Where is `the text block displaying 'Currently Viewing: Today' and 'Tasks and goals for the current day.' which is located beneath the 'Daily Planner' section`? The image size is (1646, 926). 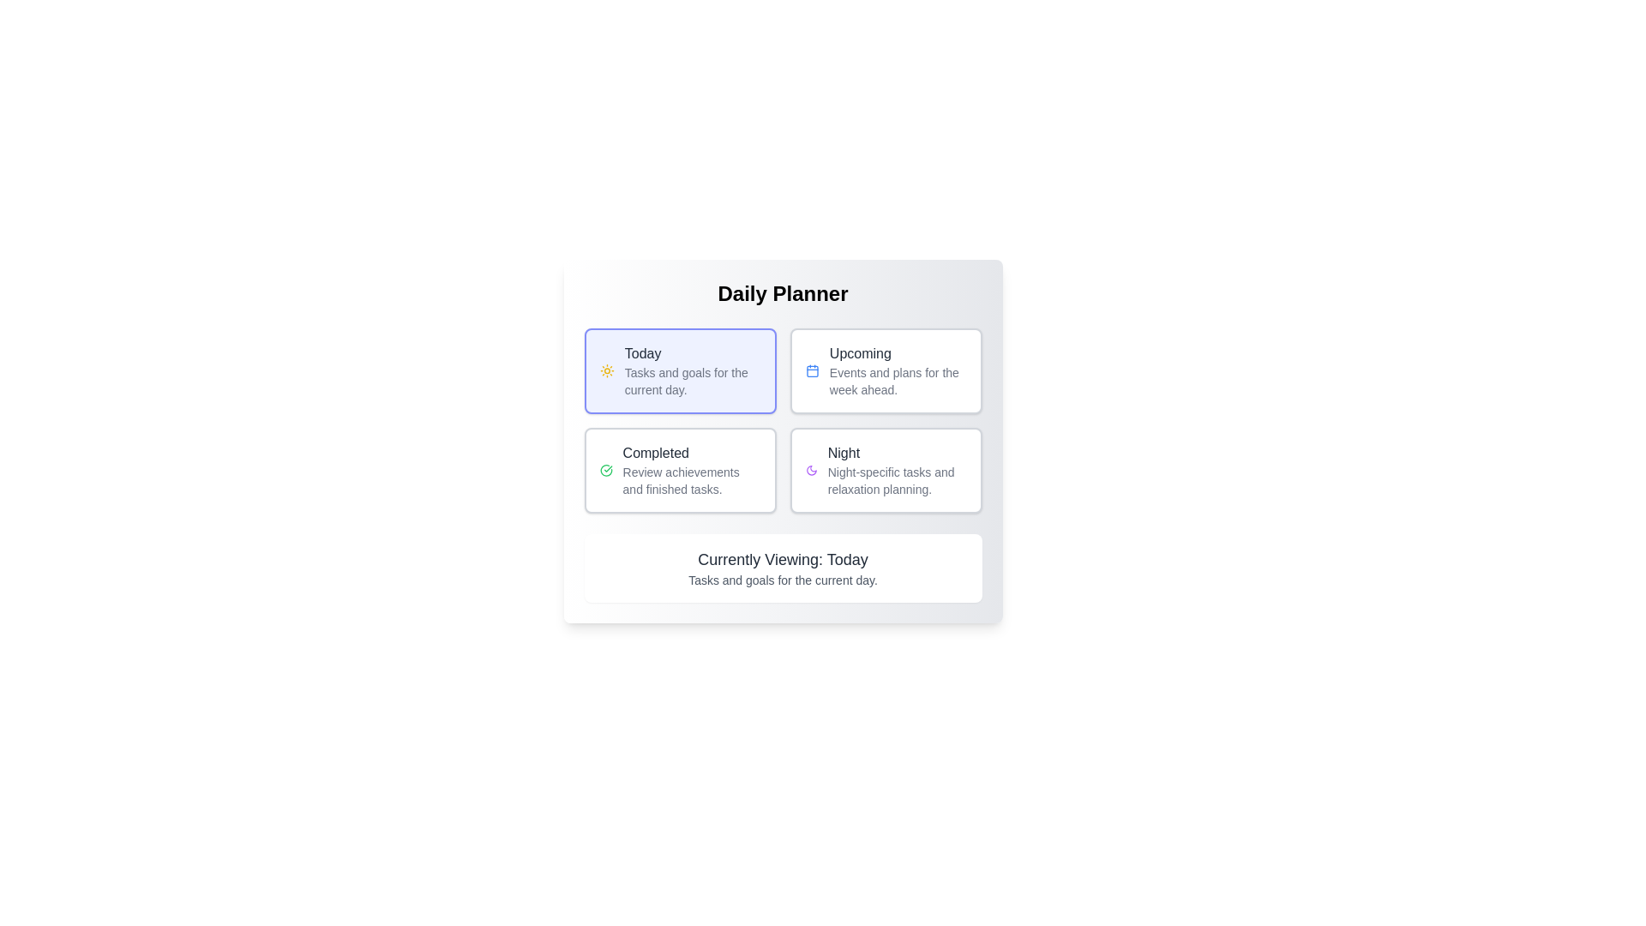
the text block displaying 'Currently Viewing: Today' and 'Tasks and goals for the current day.' which is located beneath the 'Daily Planner' section is located at coordinates (782, 568).